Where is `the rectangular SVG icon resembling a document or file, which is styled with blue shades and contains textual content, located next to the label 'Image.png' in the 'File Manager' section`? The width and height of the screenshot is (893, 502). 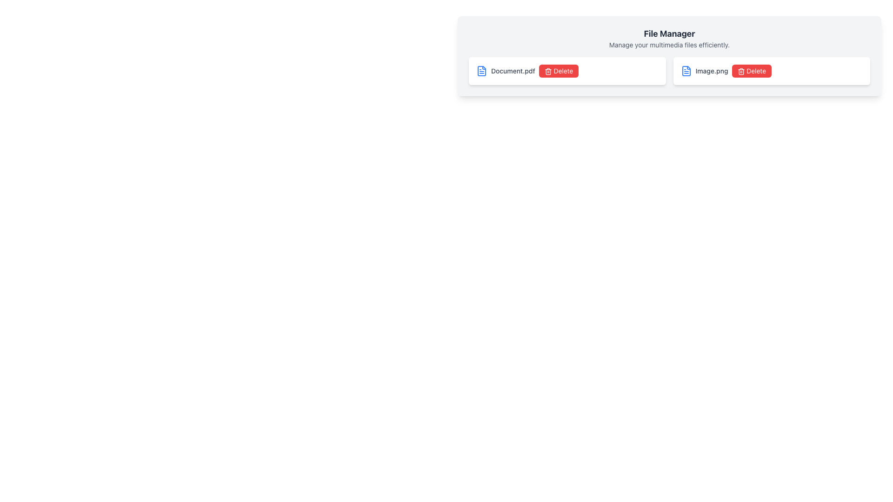 the rectangular SVG icon resembling a document or file, which is styled with blue shades and contains textual content, located next to the label 'Image.png' in the 'File Manager' section is located at coordinates (686, 71).